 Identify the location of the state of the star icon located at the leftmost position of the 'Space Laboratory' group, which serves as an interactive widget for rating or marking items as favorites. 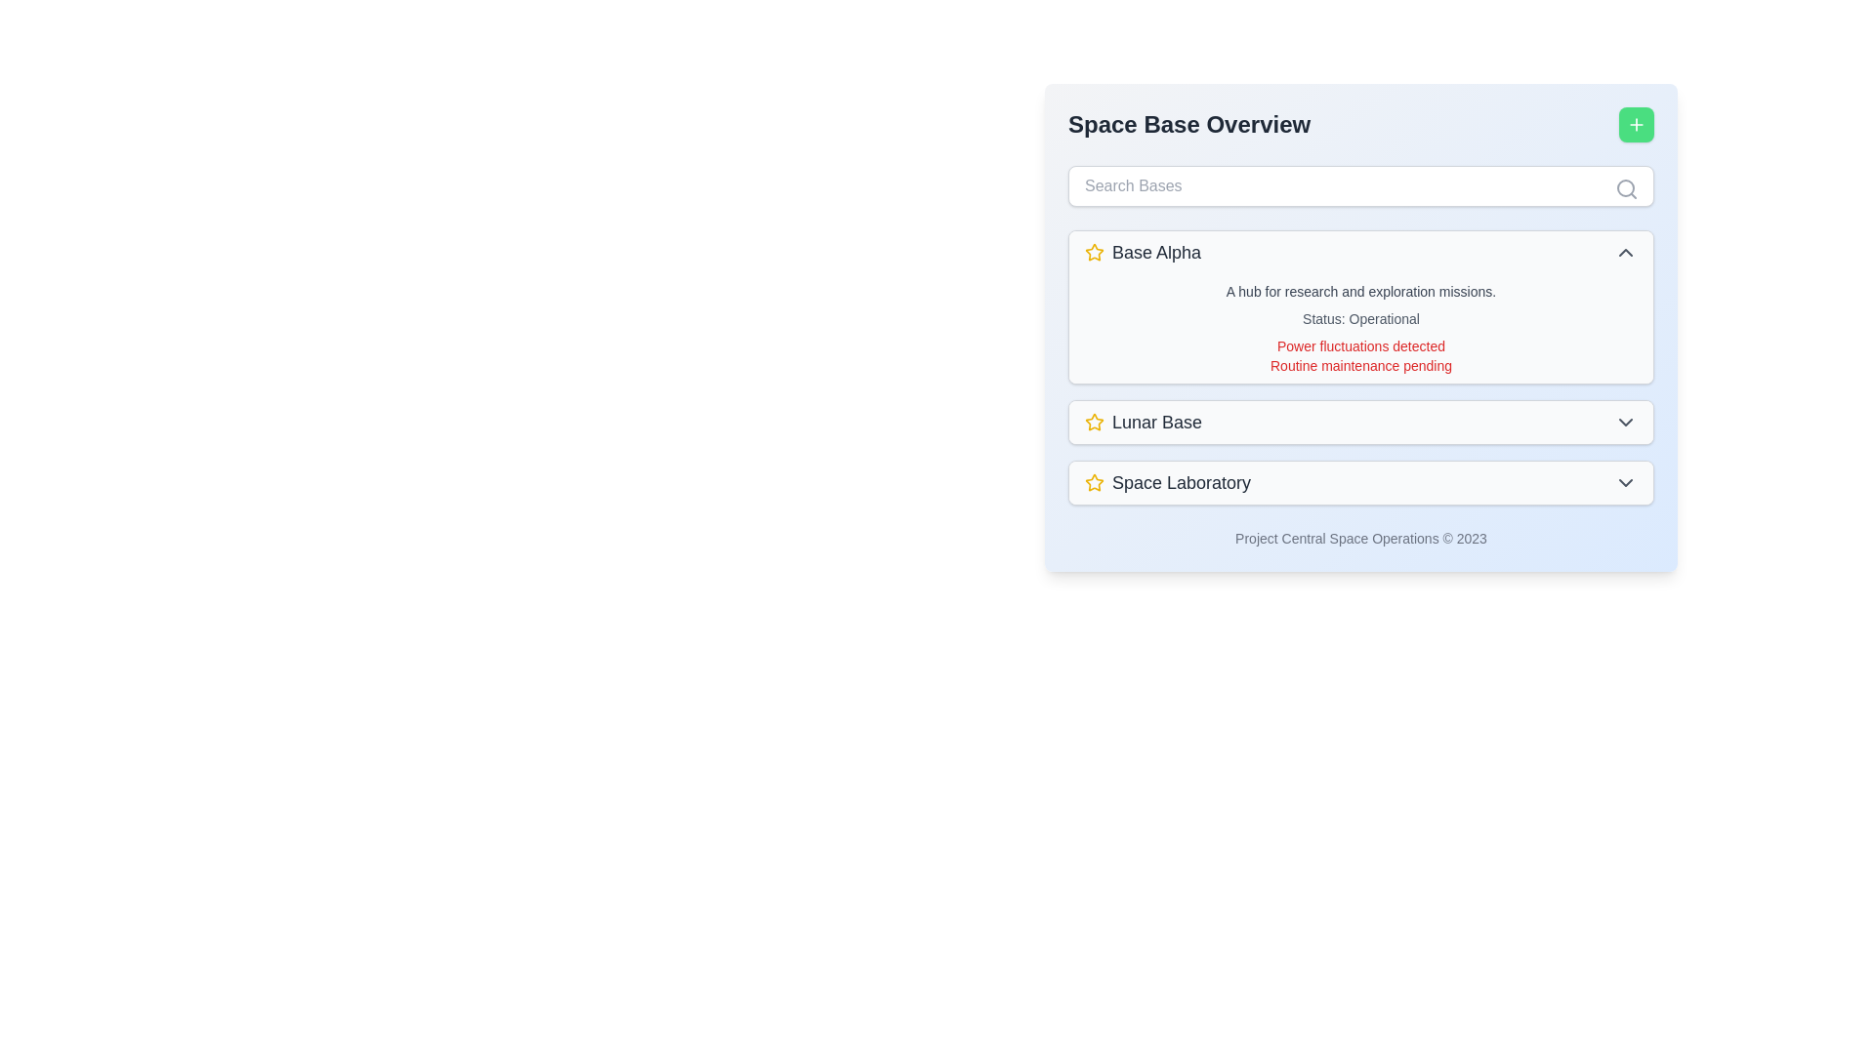
(1095, 482).